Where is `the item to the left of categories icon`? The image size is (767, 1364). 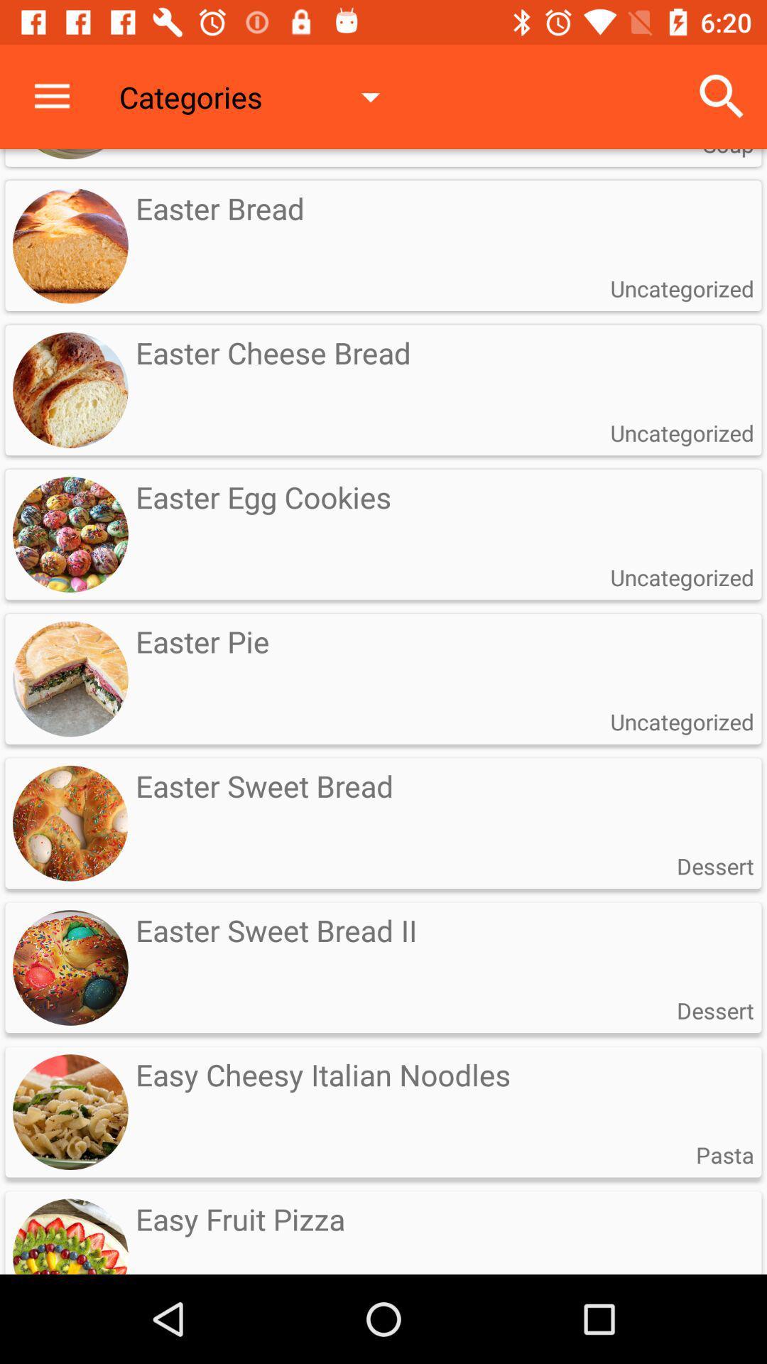
the item to the left of categories icon is located at coordinates (51, 96).